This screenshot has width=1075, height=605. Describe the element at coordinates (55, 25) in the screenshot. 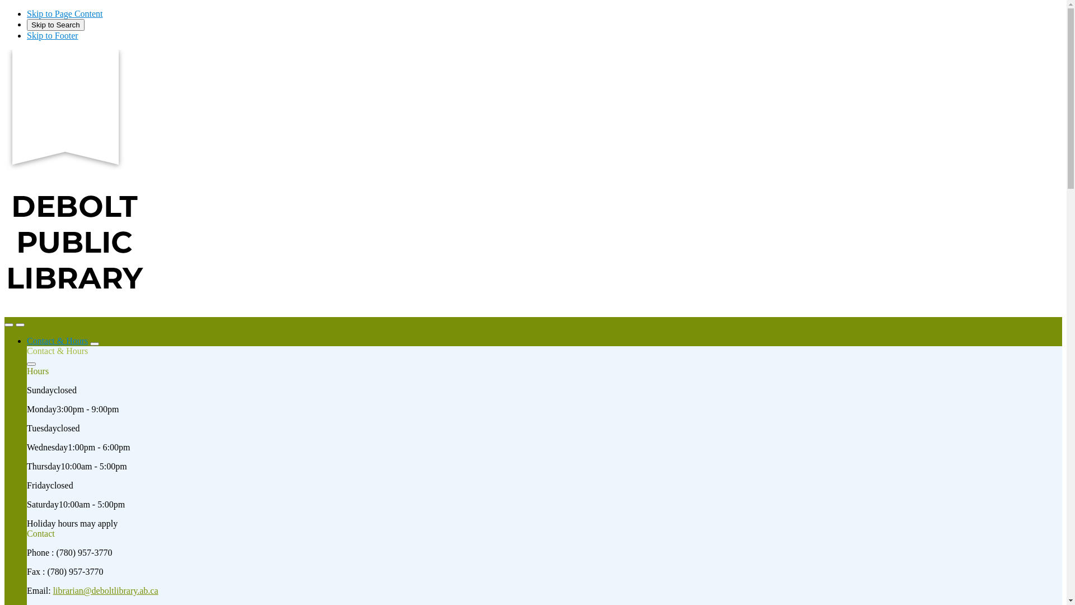

I see `'Skip to Search'` at that location.